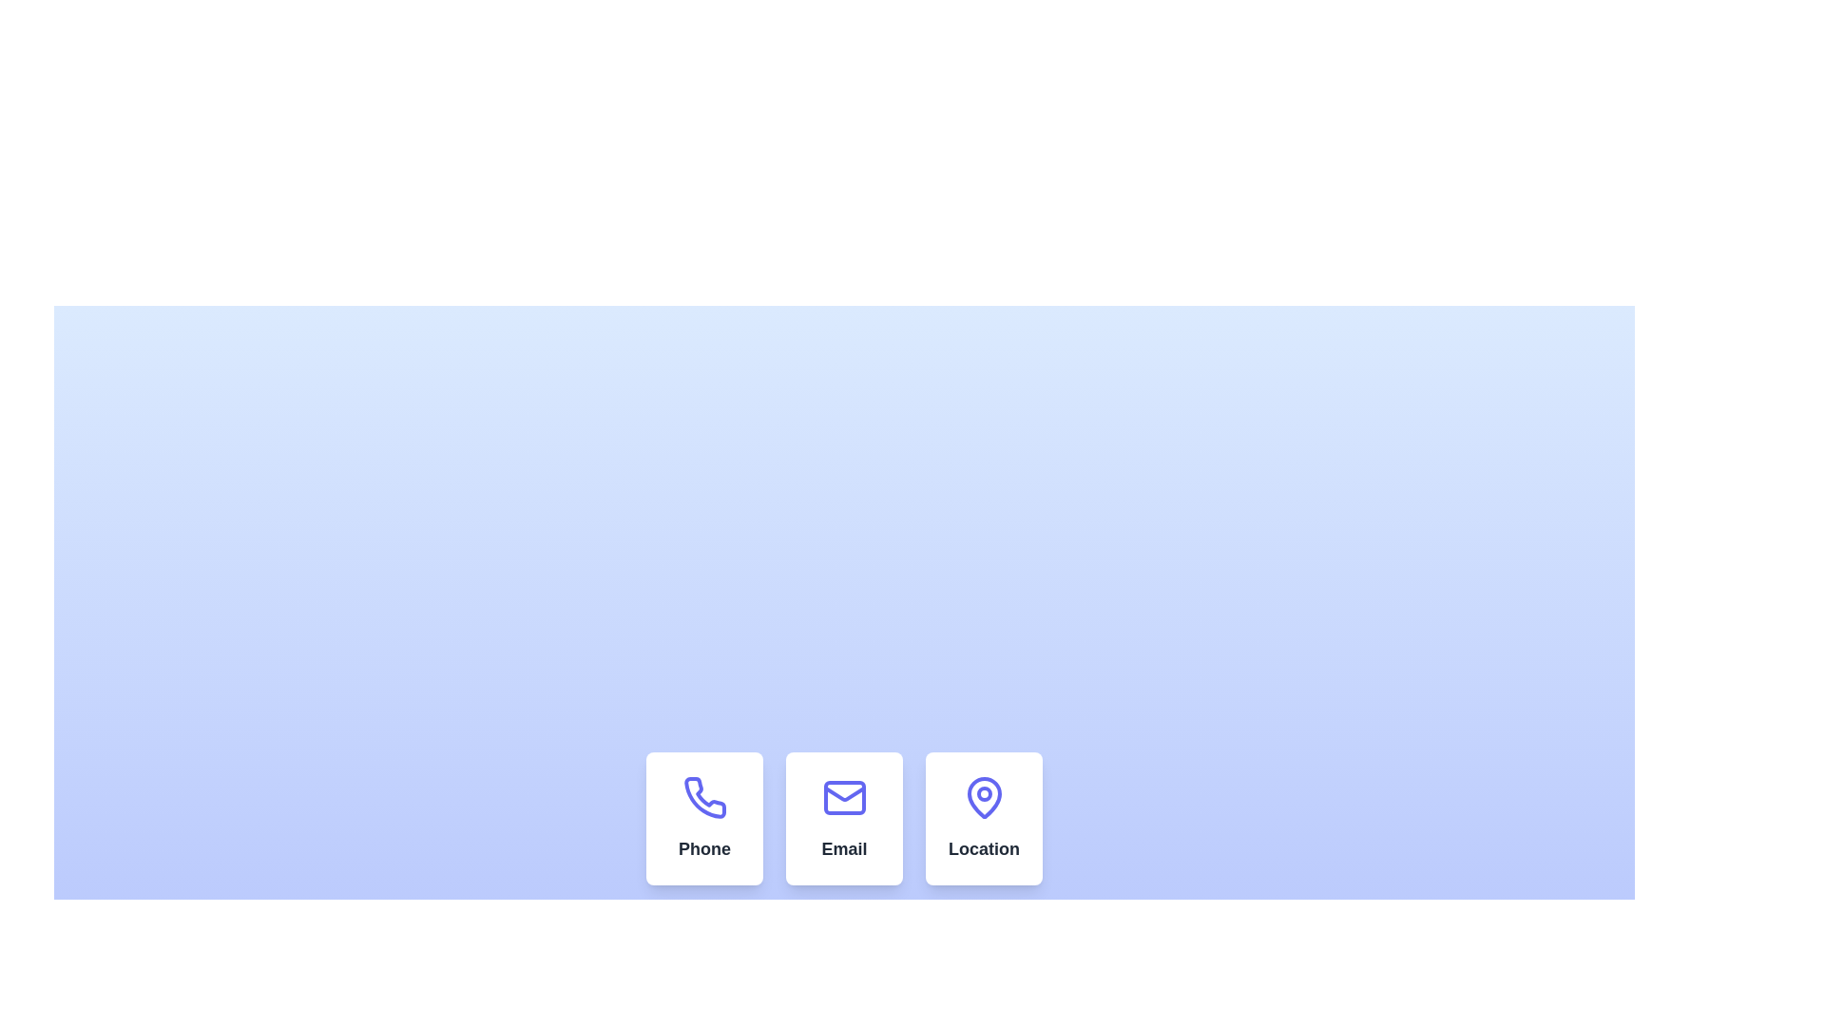 The height and width of the screenshot is (1026, 1825). What do you see at coordinates (984, 798) in the screenshot?
I see `the location icon, which is the rightmost element in a horizontally aligned group of three, positioned underneath the label 'Location'` at bounding box center [984, 798].